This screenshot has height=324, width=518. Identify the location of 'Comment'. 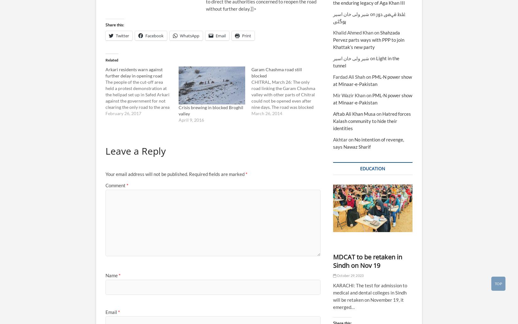
(105, 185).